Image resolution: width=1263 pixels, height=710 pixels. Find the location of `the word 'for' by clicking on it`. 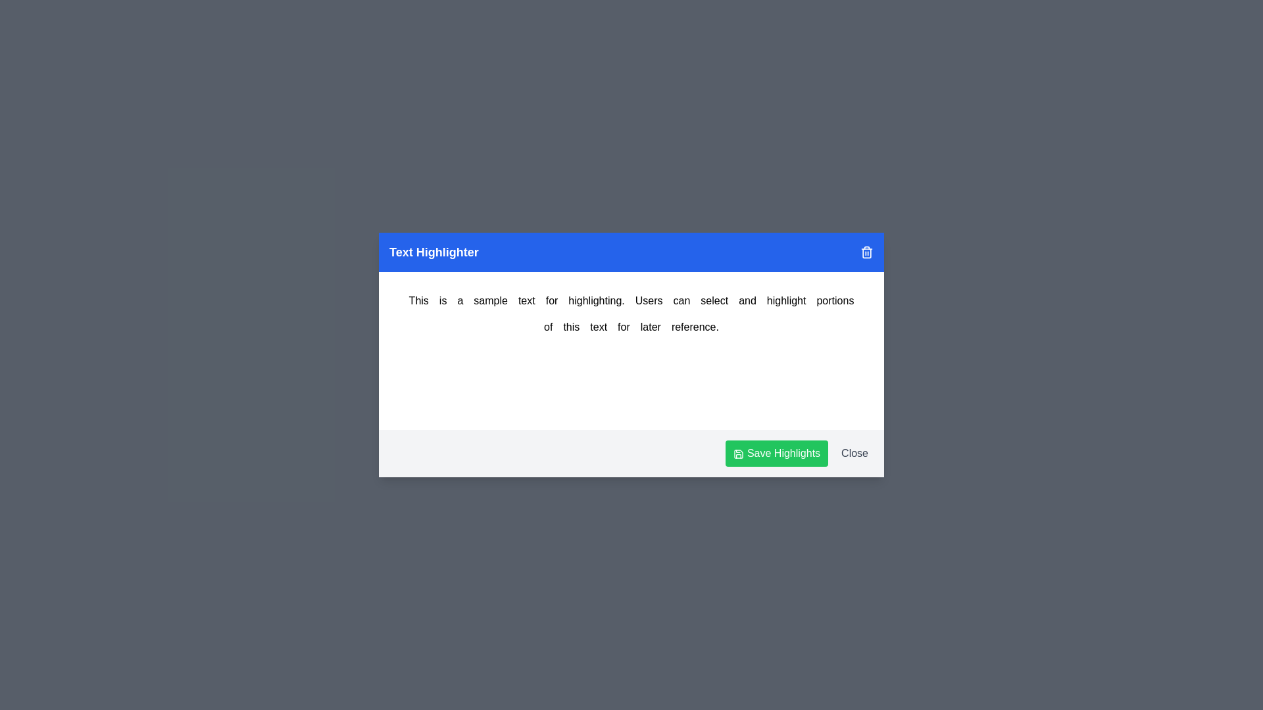

the word 'for' by clicking on it is located at coordinates (623, 326).